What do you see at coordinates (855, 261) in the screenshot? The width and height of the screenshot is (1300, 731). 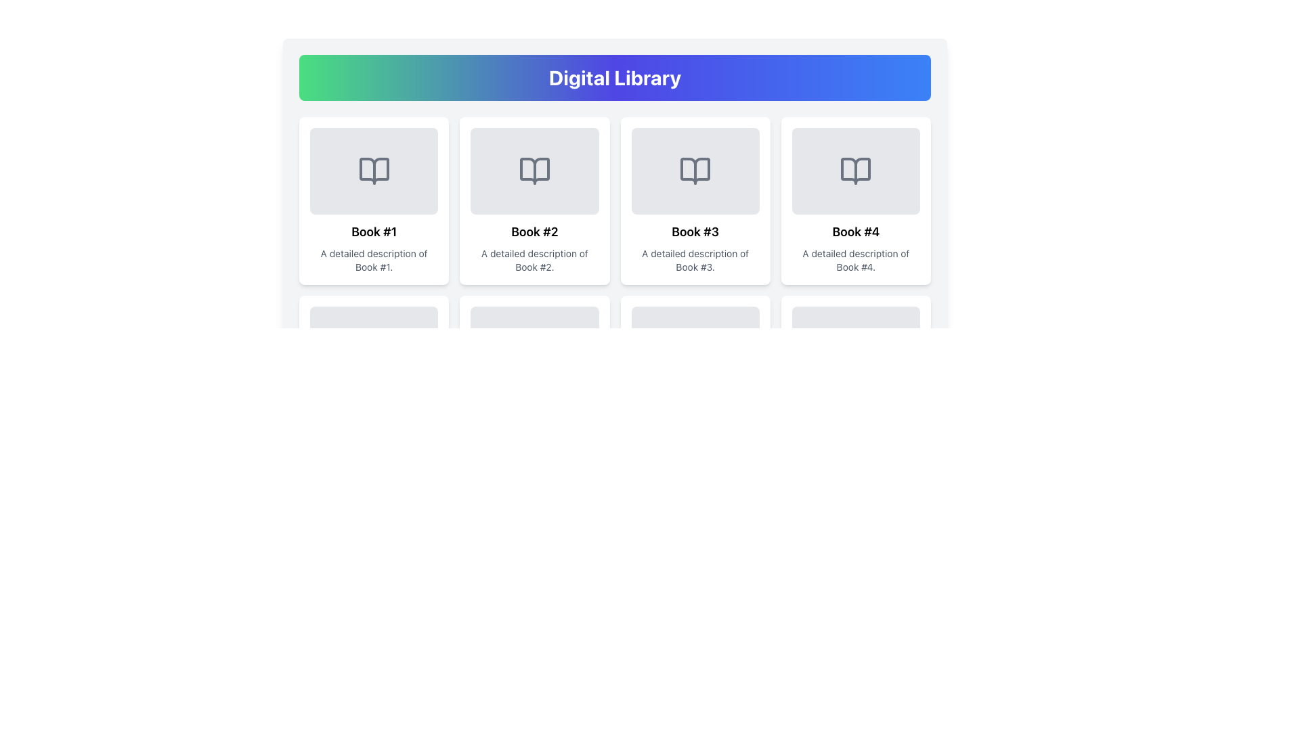 I see `the text label providing additional descriptive information about 'Book #4' located directly below its title in the card layout` at bounding box center [855, 261].